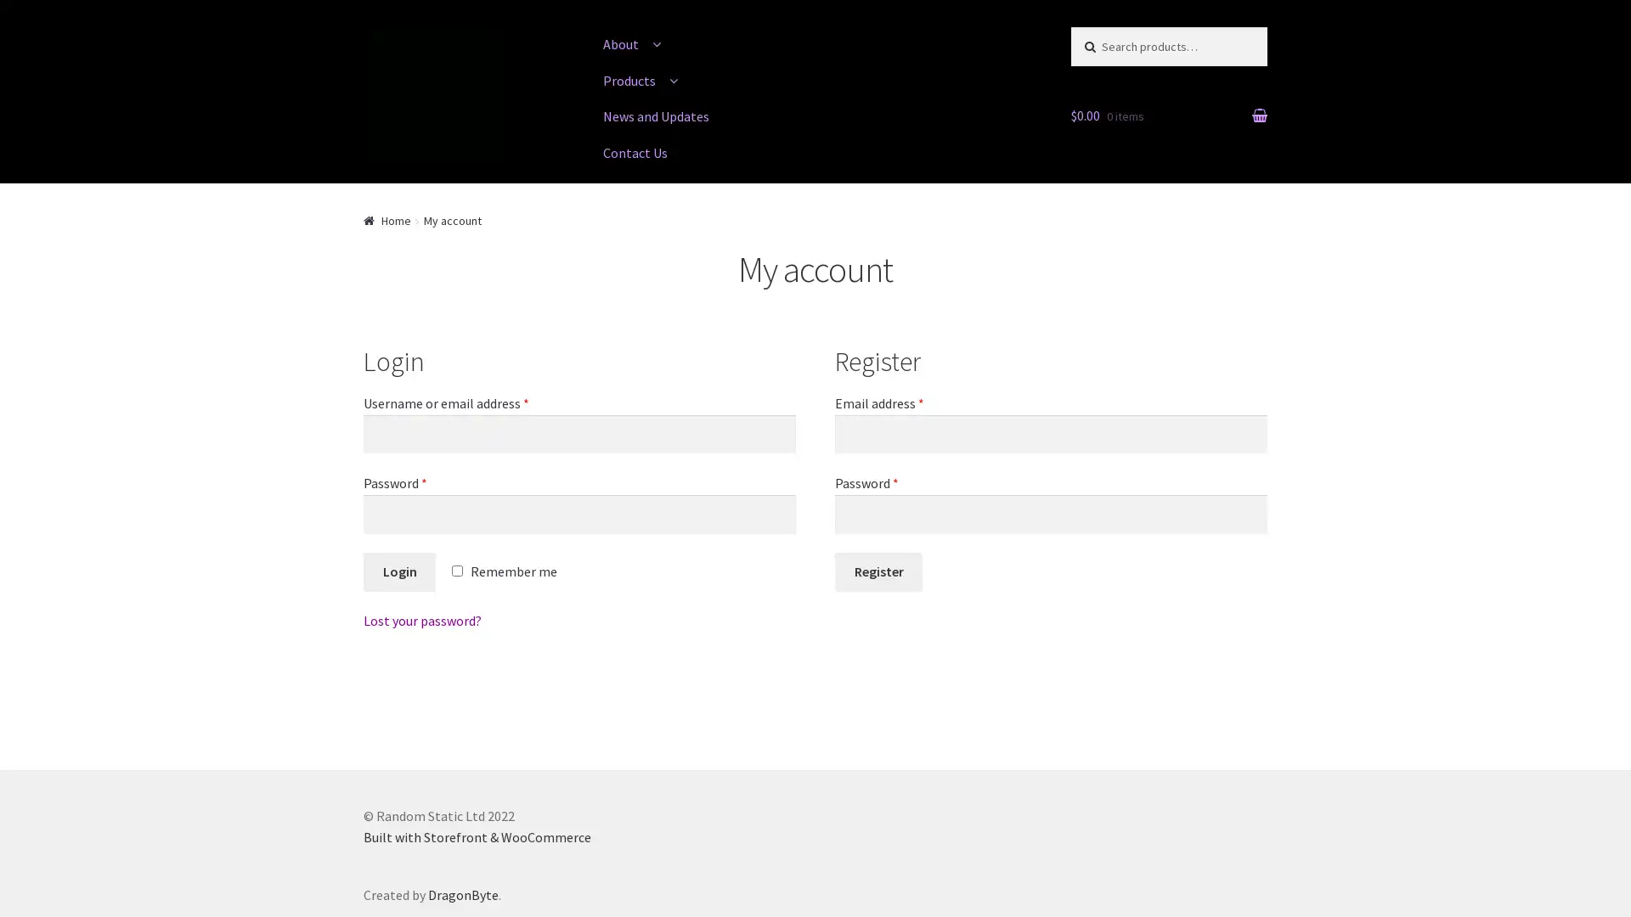  I want to click on Register, so click(878, 571).